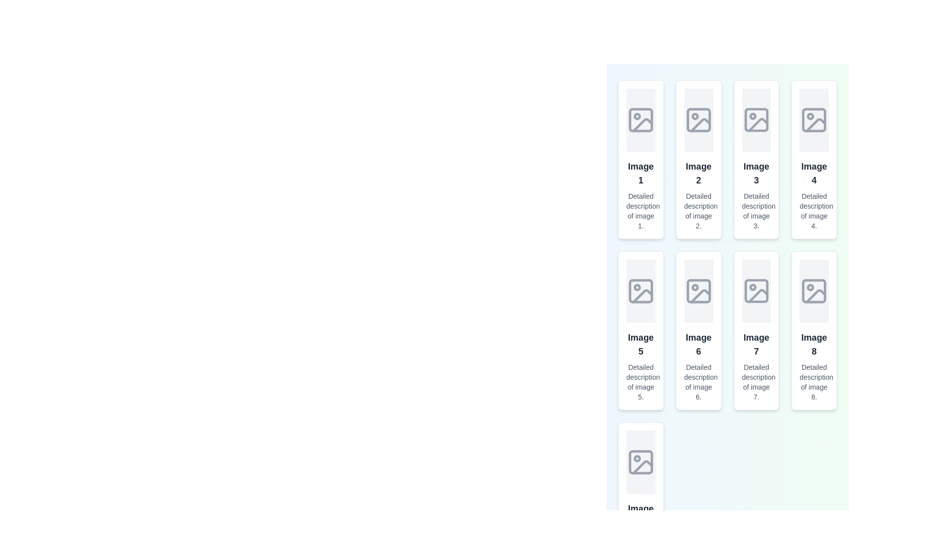 Image resolution: width=950 pixels, height=534 pixels. What do you see at coordinates (698, 291) in the screenshot?
I see `the decorative rectangular frame within the image placeholder for 'Image 6', which is the largest rectangular component in the icon` at bounding box center [698, 291].